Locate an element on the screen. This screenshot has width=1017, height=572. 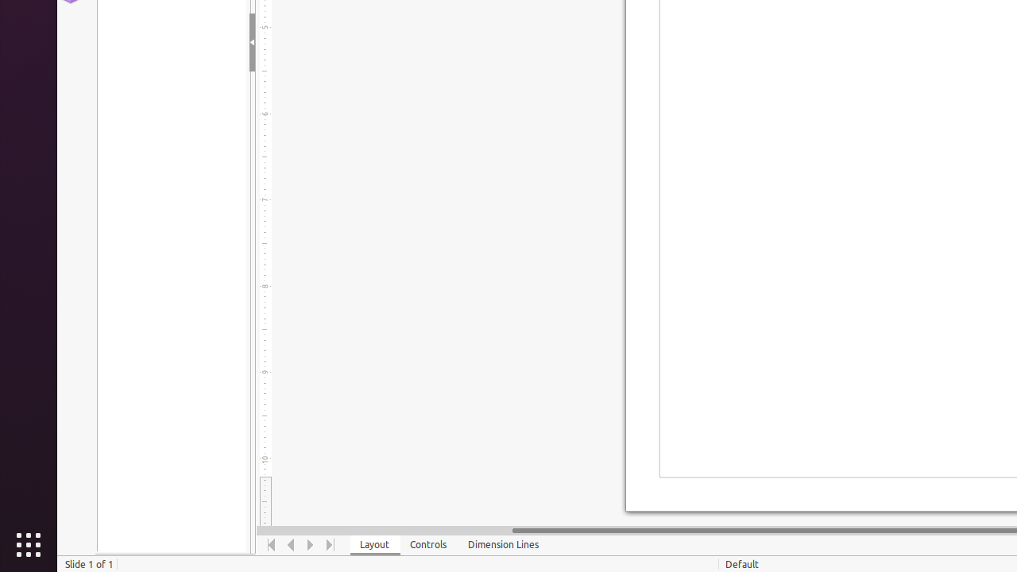
'Move Left' is located at coordinates (291, 544).